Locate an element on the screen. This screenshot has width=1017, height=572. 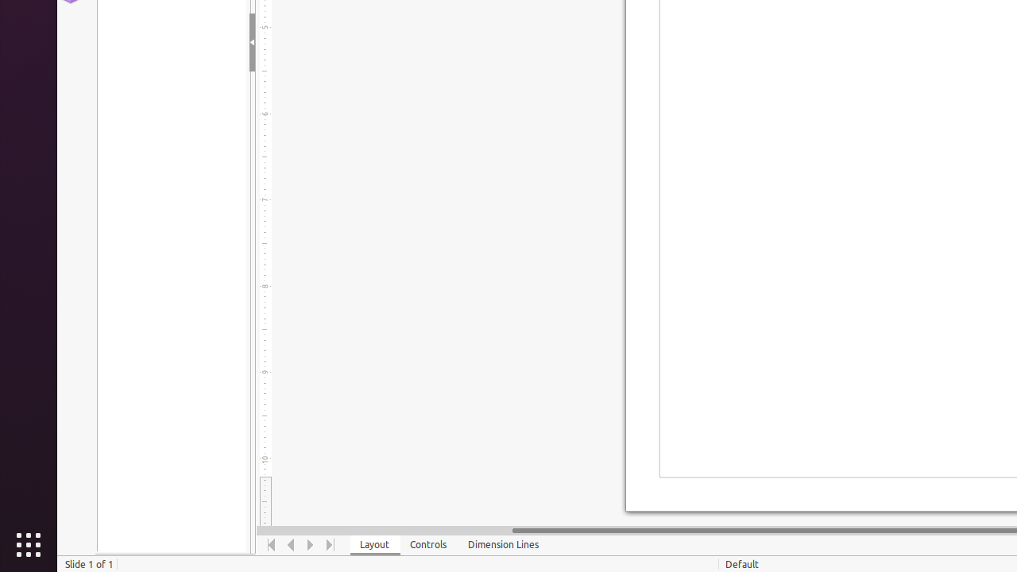
'Move Left' is located at coordinates (291, 544).